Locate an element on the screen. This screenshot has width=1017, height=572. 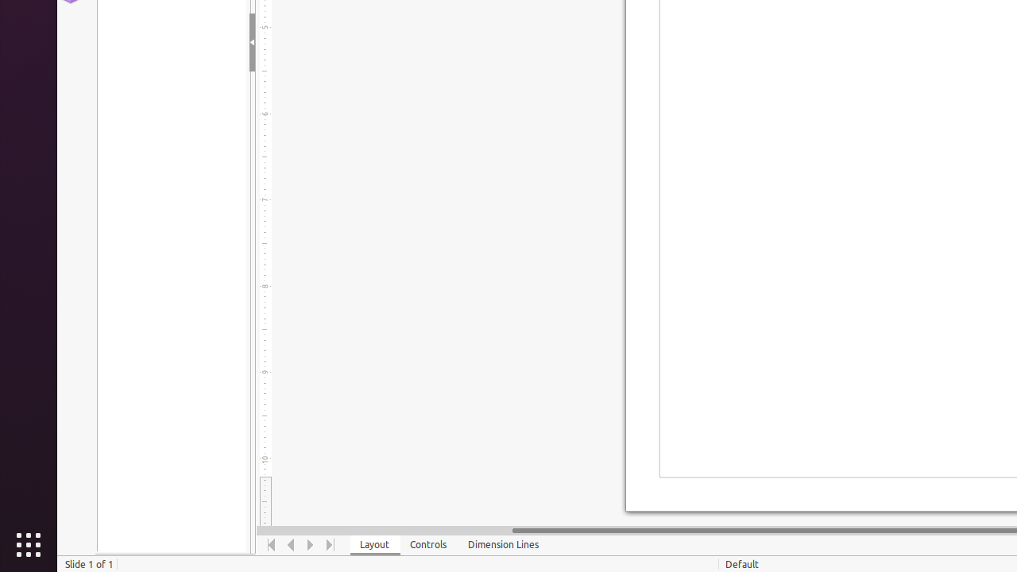
'Move Left' is located at coordinates (291, 544).